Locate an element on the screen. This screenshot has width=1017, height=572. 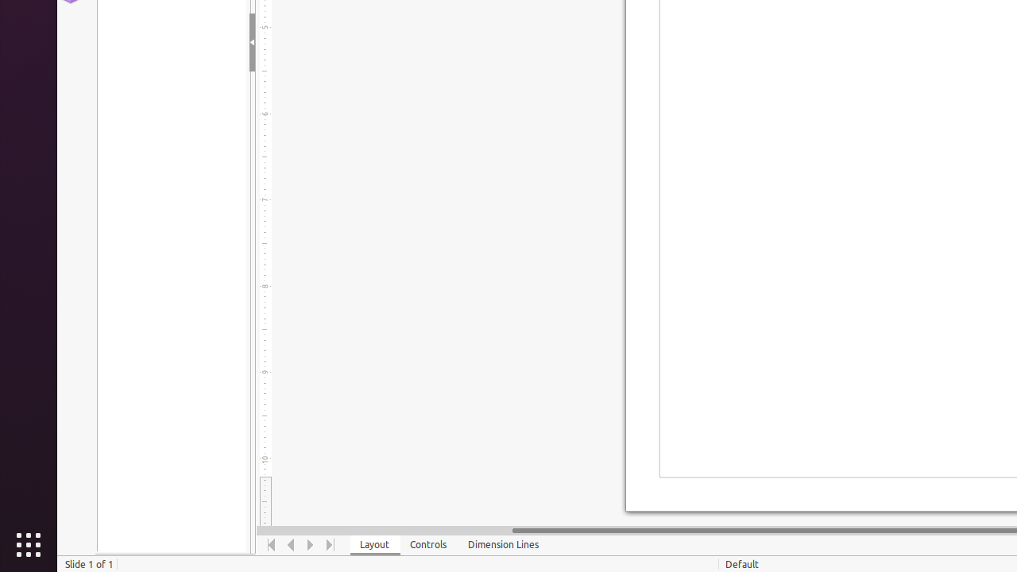
'Move Left' is located at coordinates (291, 544).